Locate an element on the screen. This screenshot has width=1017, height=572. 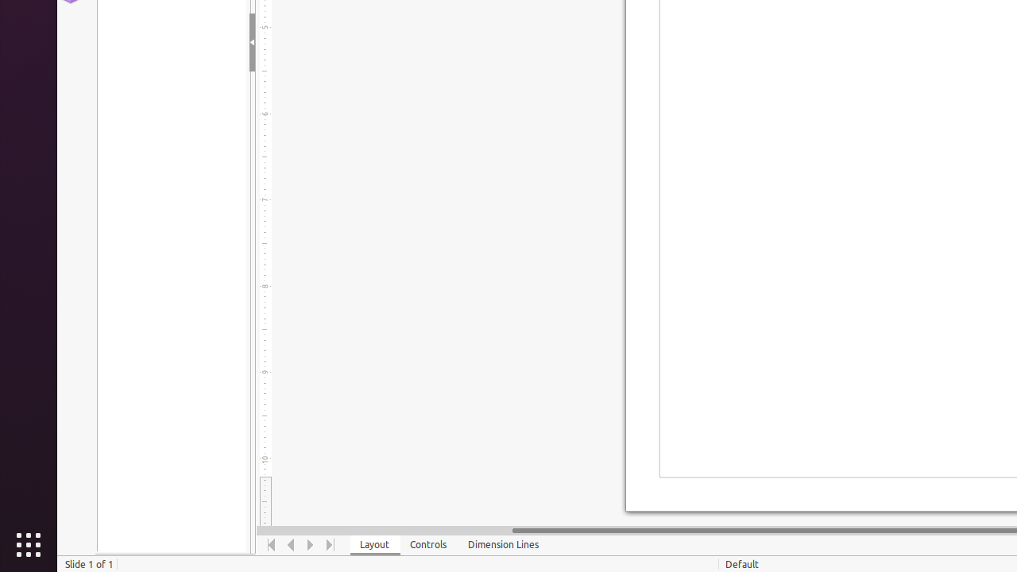
'Move Left' is located at coordinates (291, 544).